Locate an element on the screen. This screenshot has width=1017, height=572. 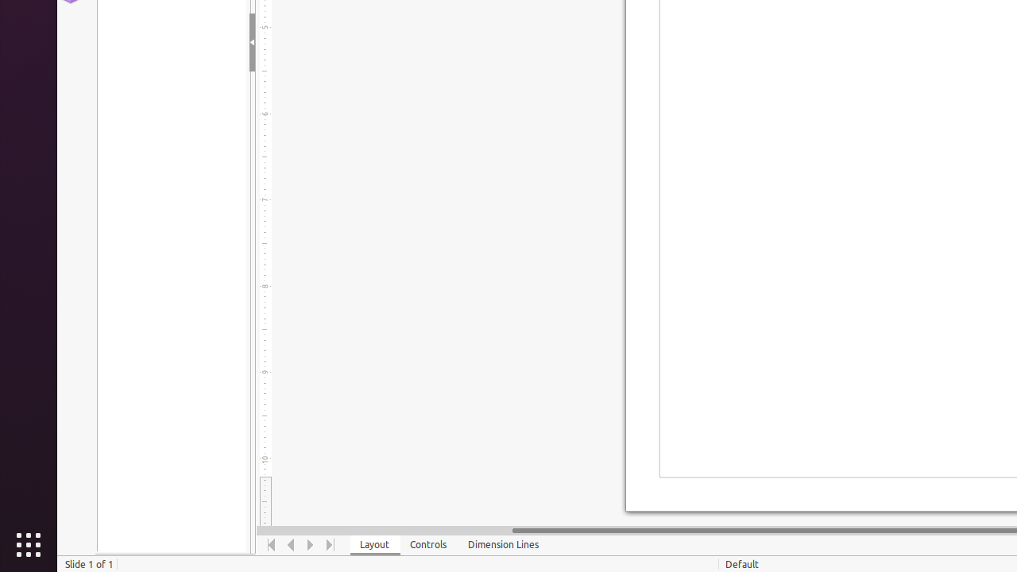
'Move Left' is located at coordinates (291, 544).